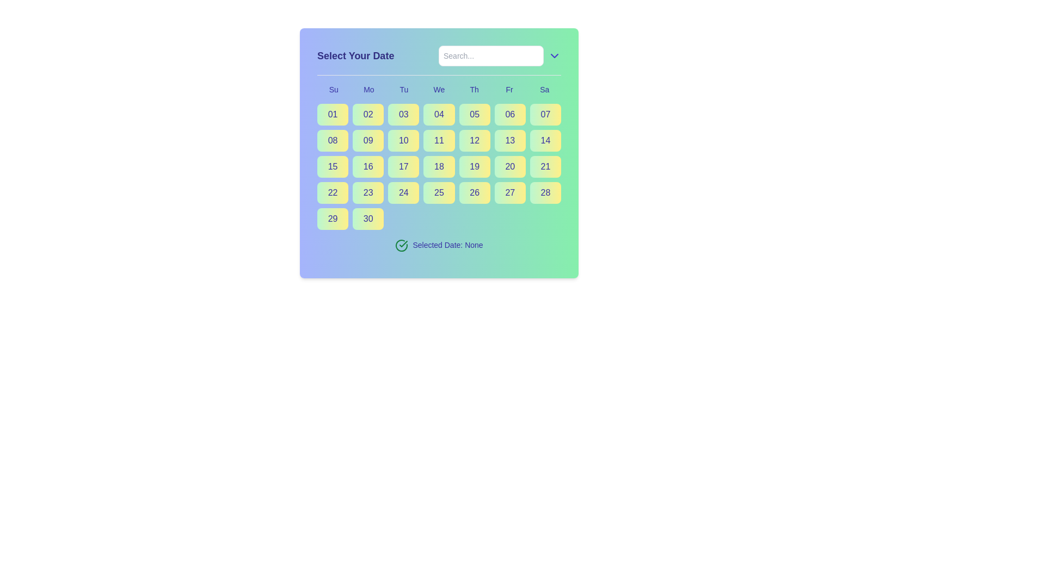  I want to click on the text label indicating 'Thursday' in the calendar's week grid to possibly display a tooltip, so click(474, 89).